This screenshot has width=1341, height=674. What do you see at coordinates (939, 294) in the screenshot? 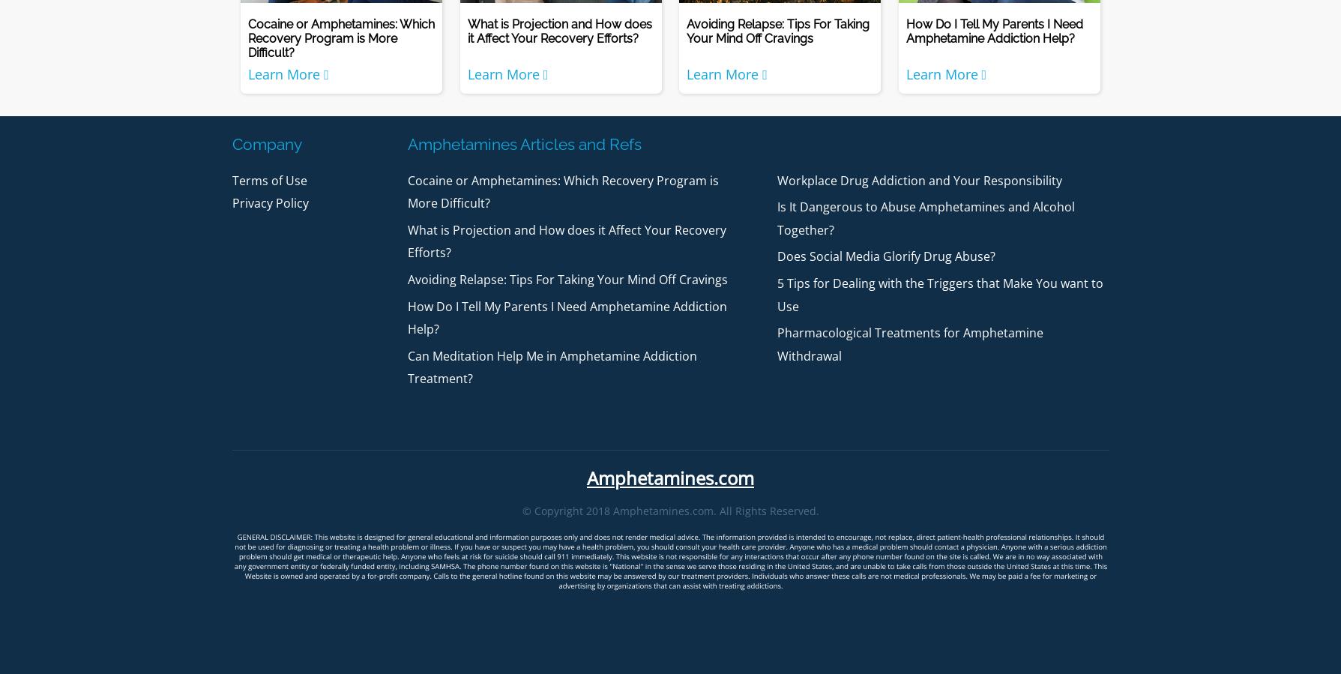
I see `'5 Tips for Dealing with the Triggers that Make You want to Use'` at bounding box center [939, 294].